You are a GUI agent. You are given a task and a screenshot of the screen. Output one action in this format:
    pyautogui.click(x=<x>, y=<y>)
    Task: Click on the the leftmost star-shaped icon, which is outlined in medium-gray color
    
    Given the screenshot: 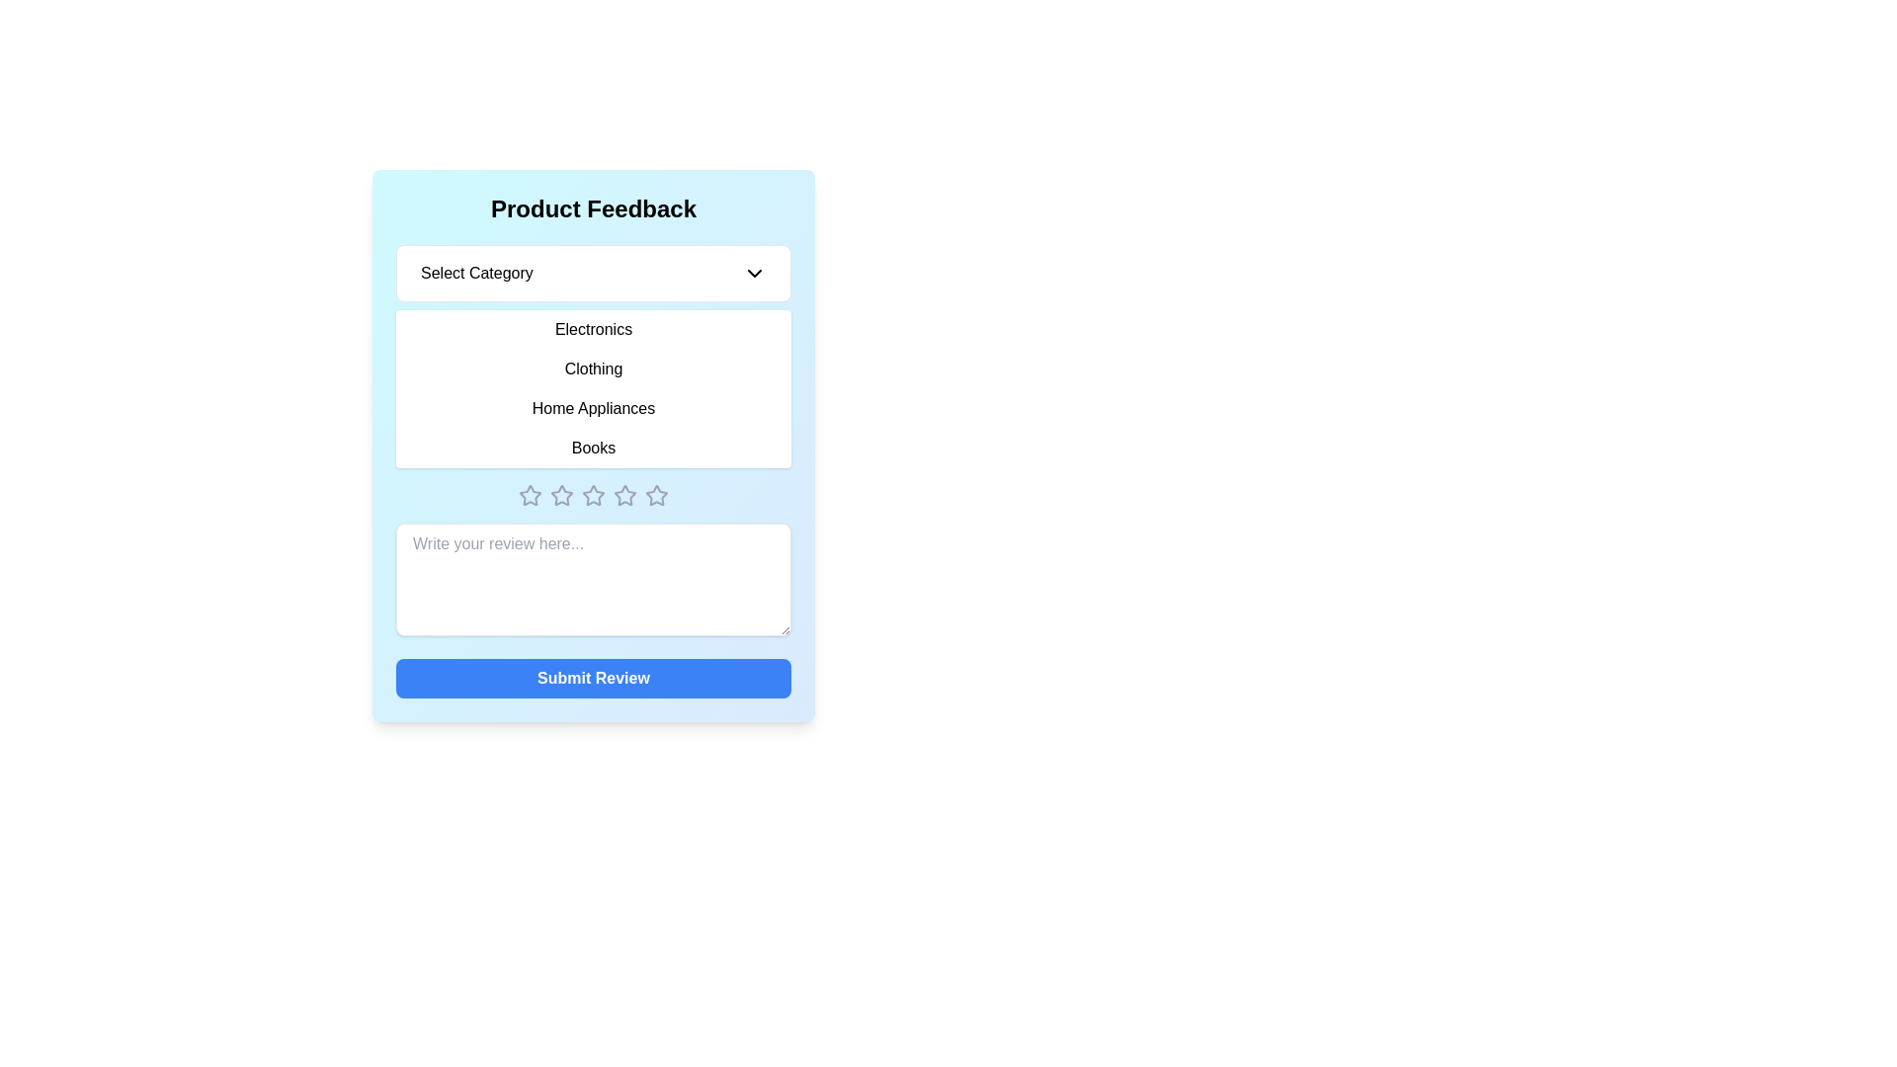 What is the action you would take?
    pyautogui.click(x=531, y=494)
    